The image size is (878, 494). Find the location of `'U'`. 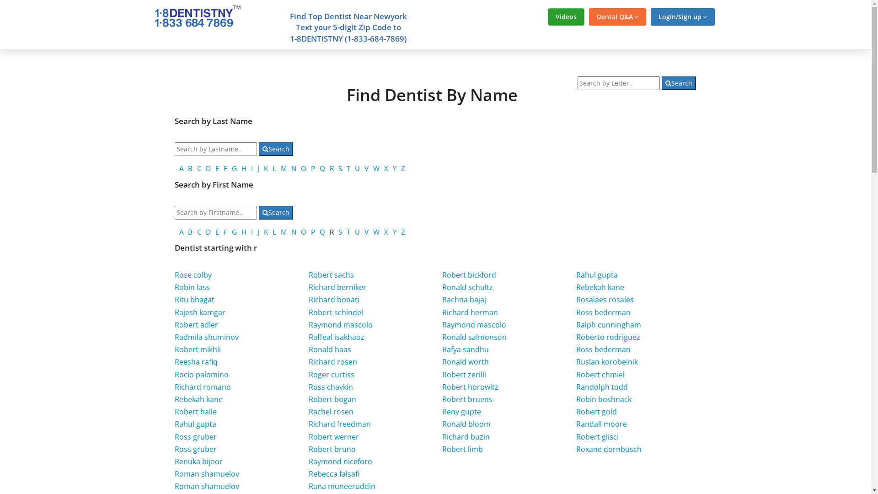

'U' is located at coordinates (357, 231).